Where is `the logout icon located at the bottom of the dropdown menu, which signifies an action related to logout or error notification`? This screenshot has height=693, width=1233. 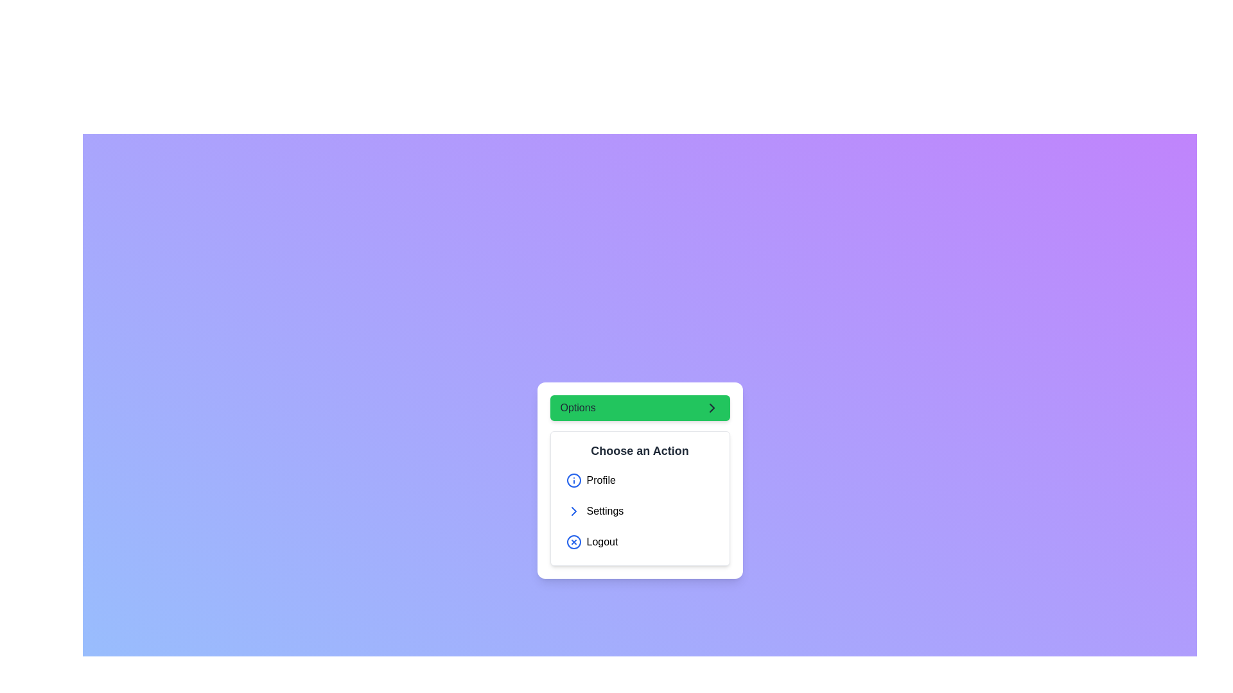
the logout icon located at the bottom of the dropdown menu, which signifies an action related to logout or error notification is located at coordinates (573, 542).